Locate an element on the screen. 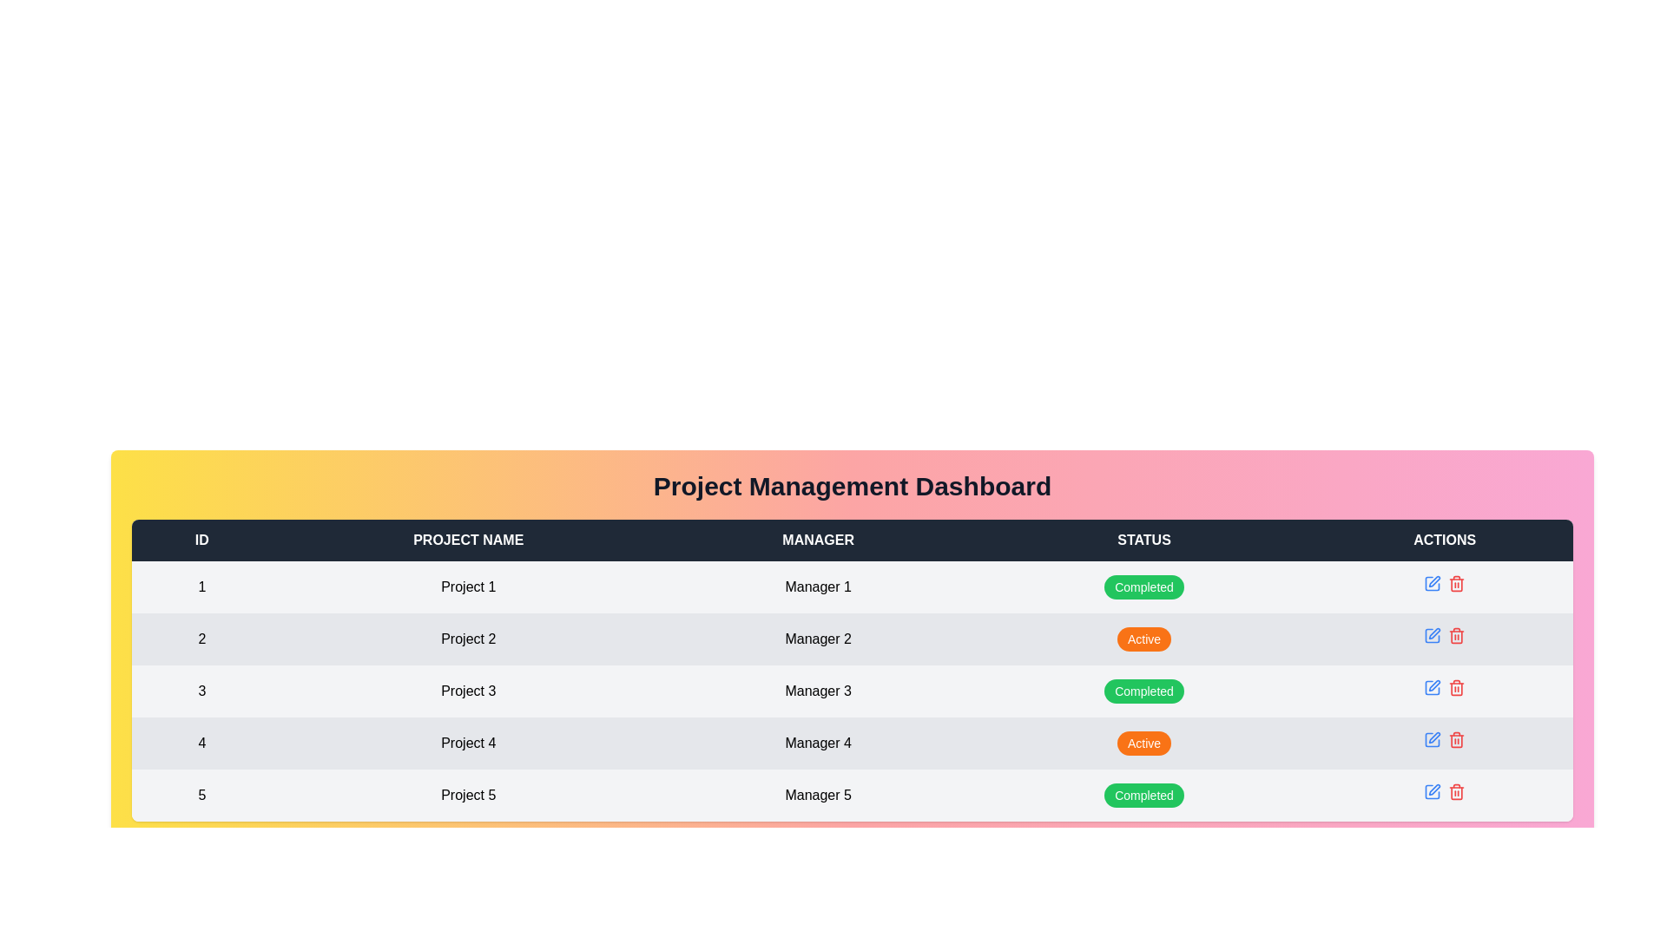 The width and height of the screenshot is (1667, 937). the pen icon button located in the 'Actions' column of the third row of the table is located at coordinates (1434, 633).